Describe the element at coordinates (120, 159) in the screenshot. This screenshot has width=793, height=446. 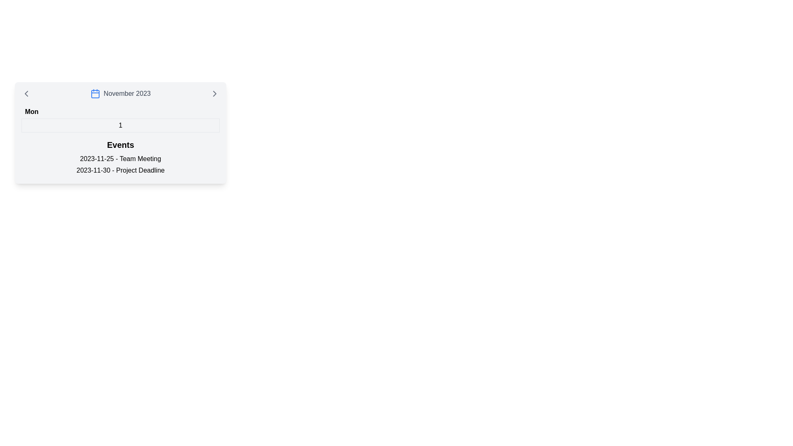
I see `text displayed in the element showing '2023-11-25 - Team Meeting', which is located under the 'Events' section of the calendar interface` at that location.